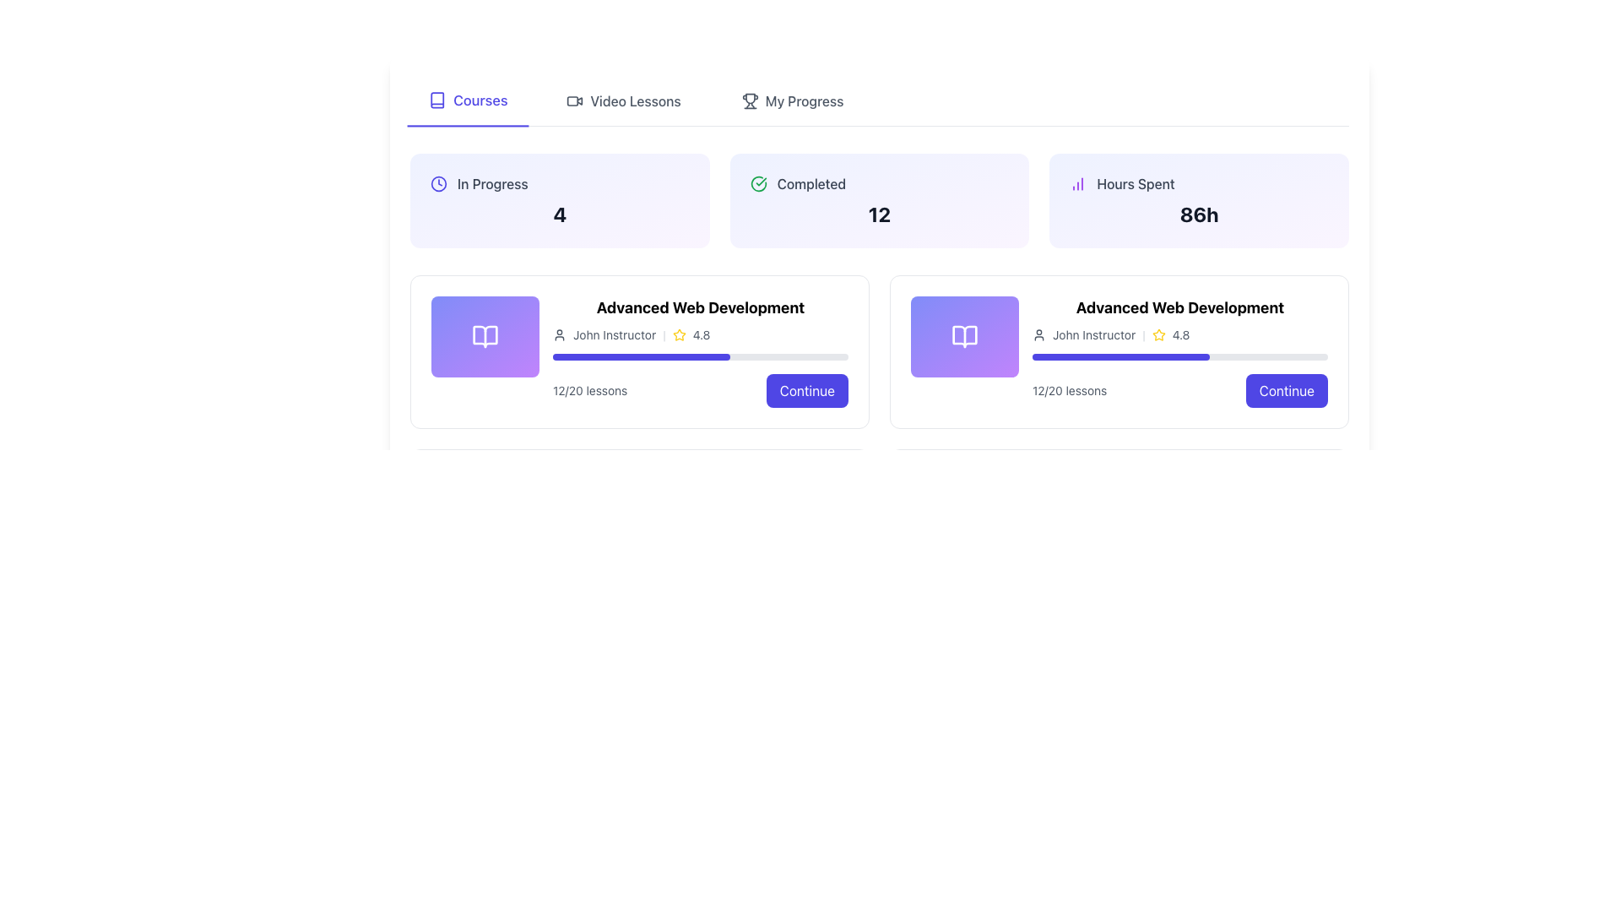 The height and width of the screenshot is (912, 1621). Describe the element at coordinates (437, 100) in the screenshot. I see `the 'Courses' graphical icon located in the top navigation bar` at that location.